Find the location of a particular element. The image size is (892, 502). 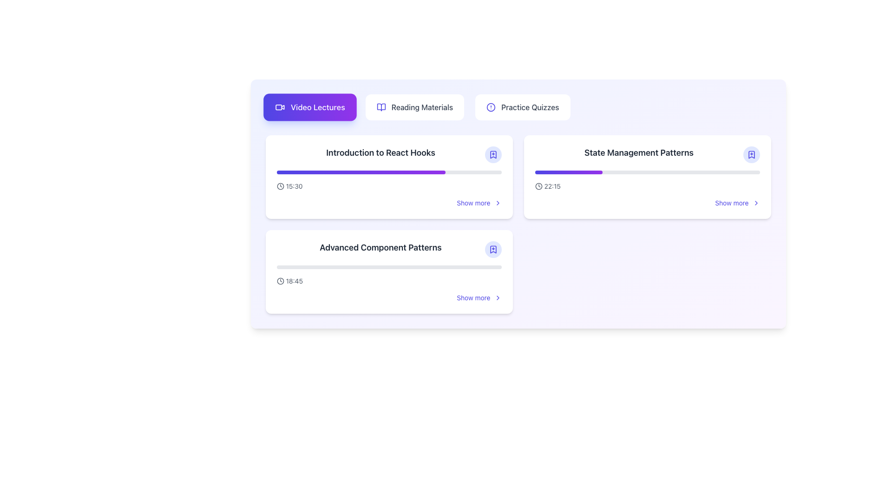

the bookmark icon with a plus symbol in the top-right corner of the 'Introduction to React Hooks' card to bookmark the associated module is located at coordinates (492, 154).